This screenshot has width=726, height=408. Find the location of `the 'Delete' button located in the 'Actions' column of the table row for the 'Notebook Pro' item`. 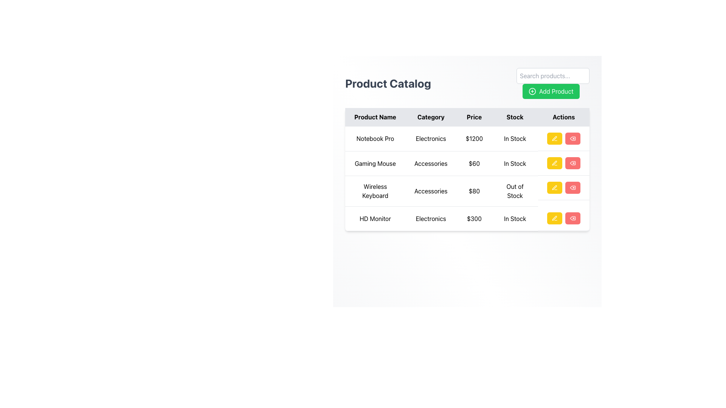

the 'Delete' button located in the 'Actions' column of the table row for the 'Notebook Pro' item is located at coordinates (573, 138).